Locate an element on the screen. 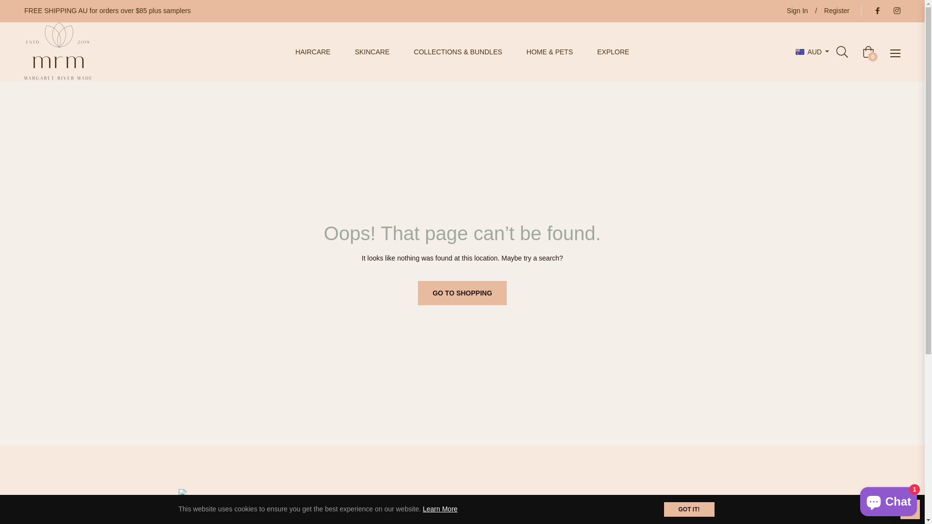 The height and width of the screenshot is (524, 932). 'Sign In' is located at coordinates (797, 11).